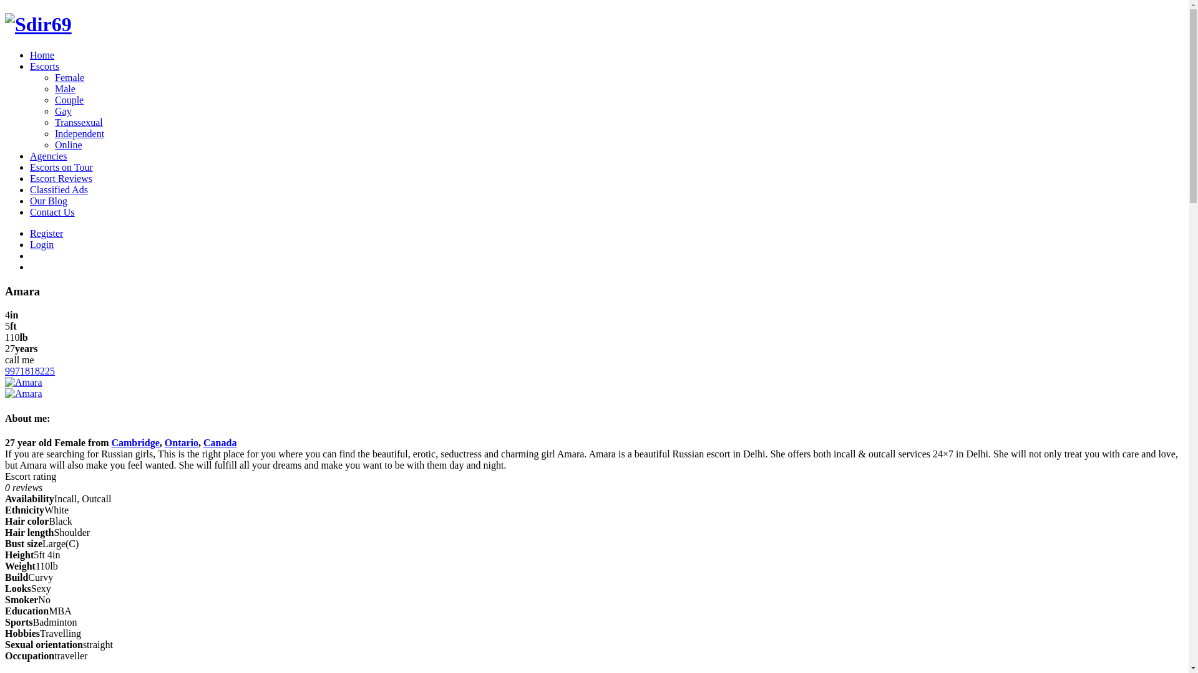 Image resolution: width=1198 pixels, height=673 pixels. Describe the element at coordinates (46, 233) in the screenshot. I see `'Register'` at that location.